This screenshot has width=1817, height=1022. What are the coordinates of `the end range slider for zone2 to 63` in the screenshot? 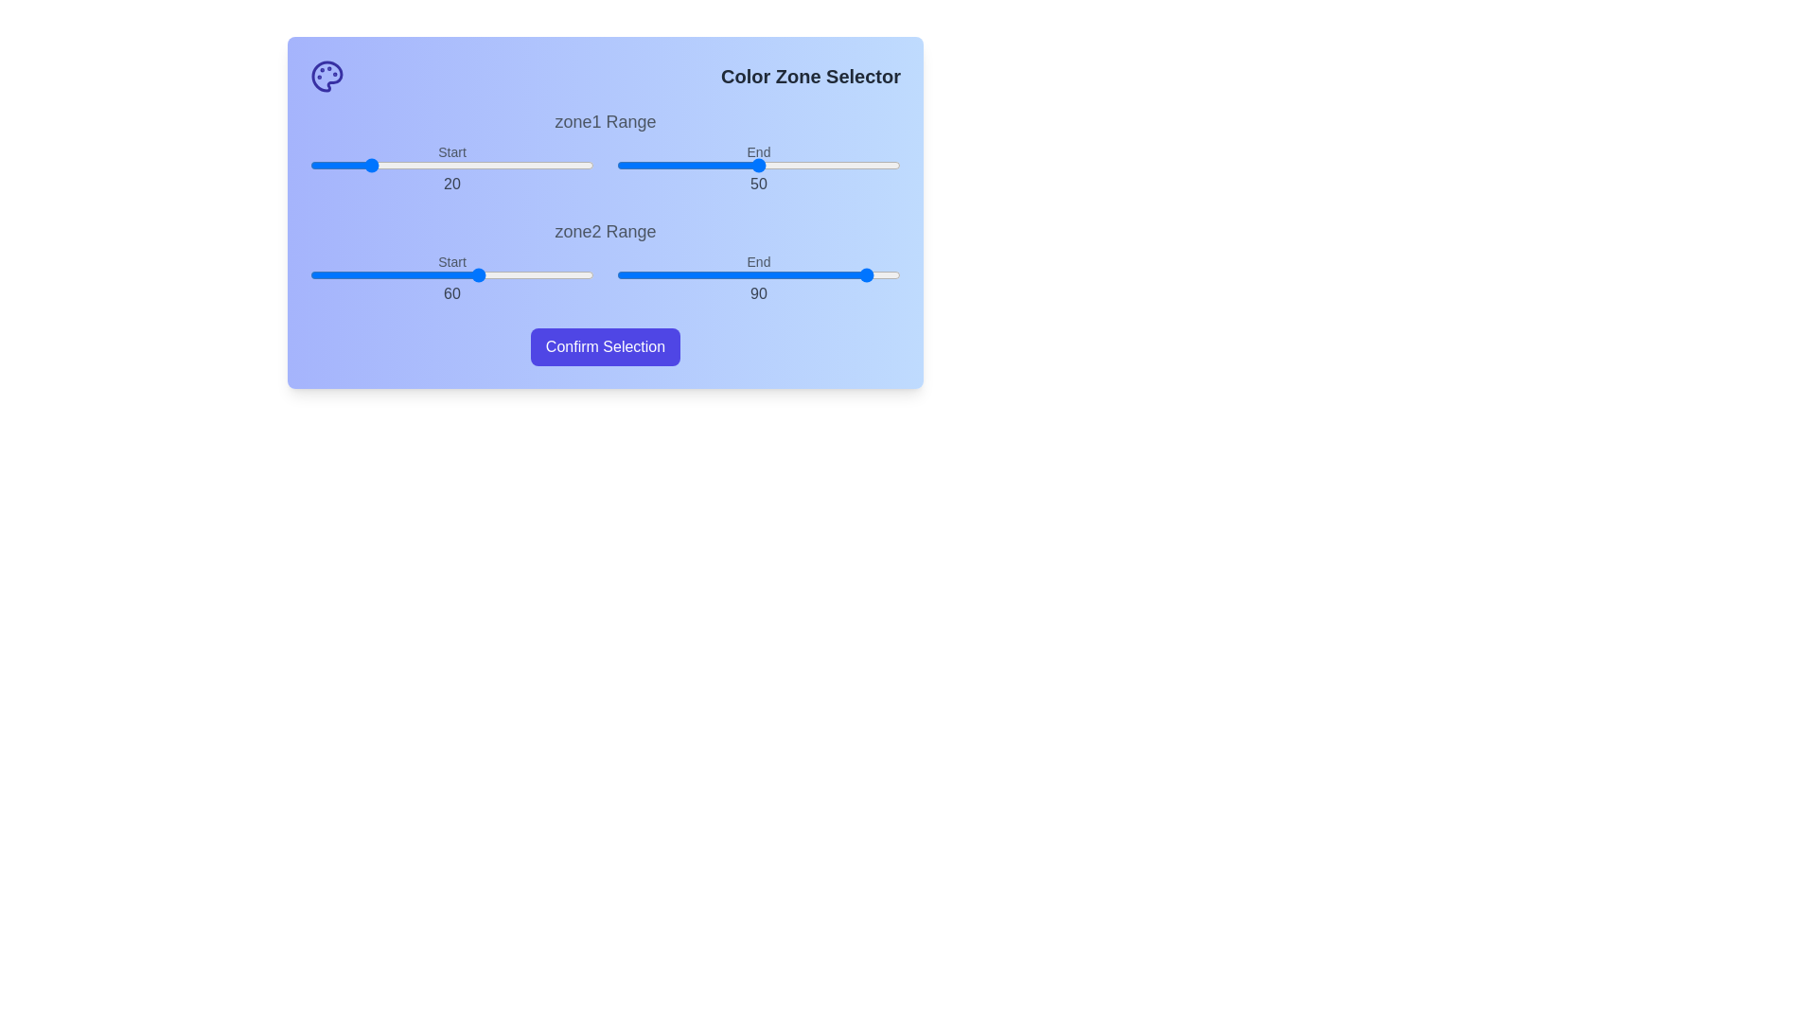 It's located at (795, 274).